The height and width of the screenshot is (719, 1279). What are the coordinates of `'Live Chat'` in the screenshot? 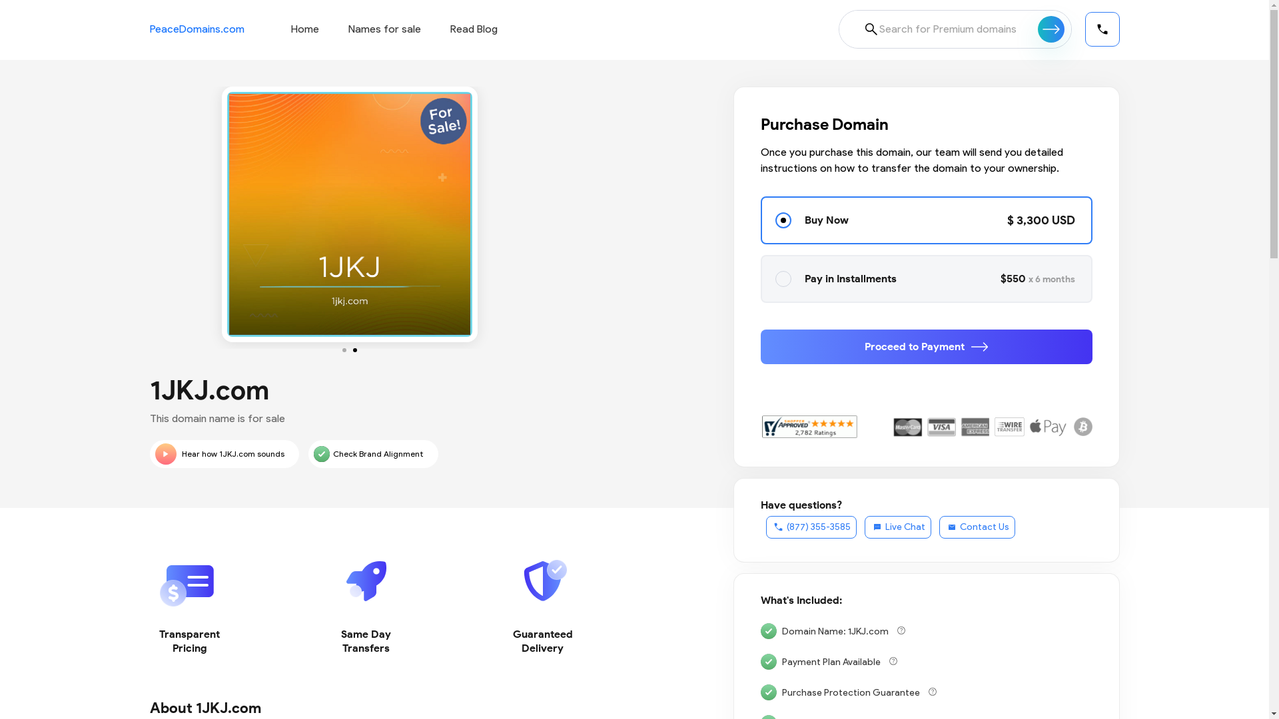 It's located at (898, 526).